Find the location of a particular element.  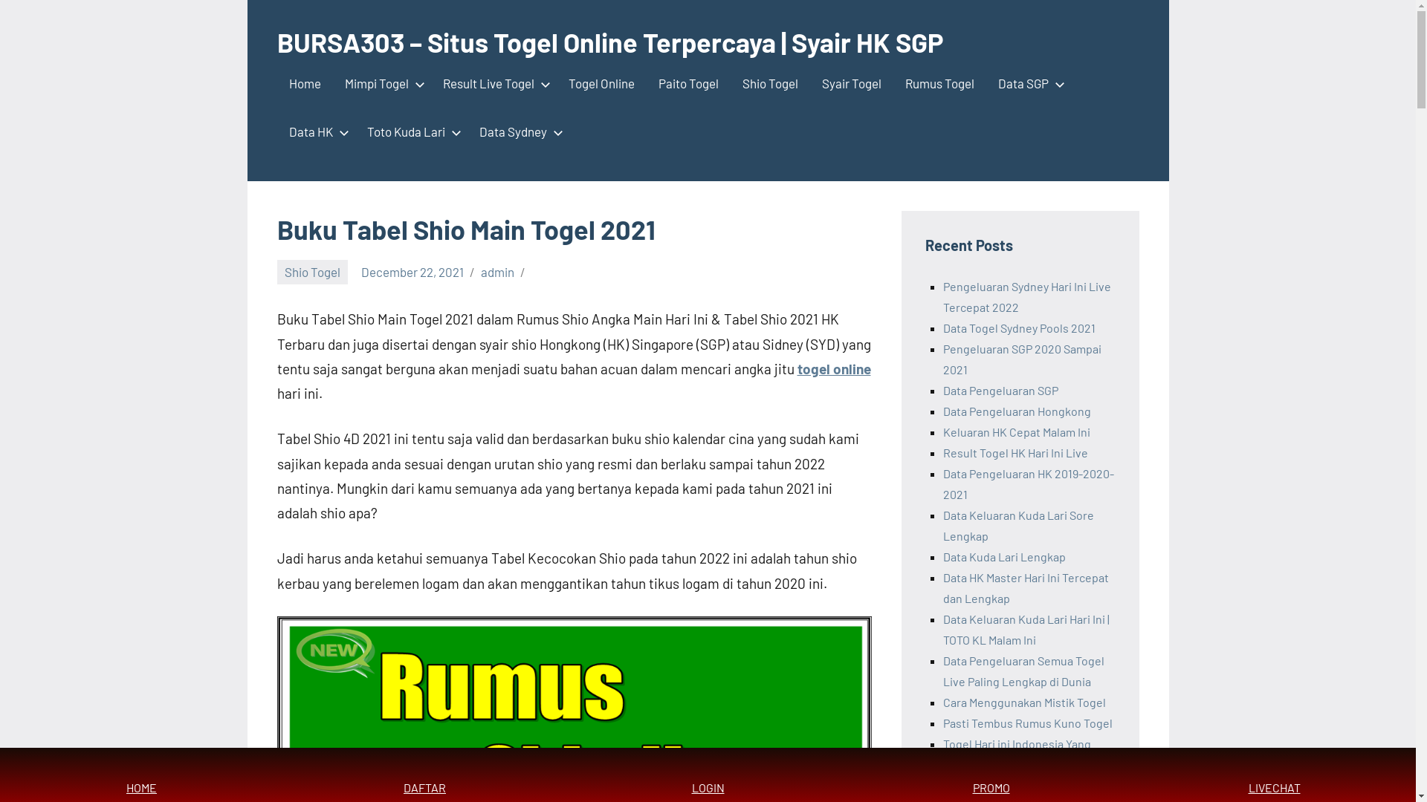

'Data Pengeluaran Semua Togel Live Paling Lengkap di Dunia' is located at coordinates (1022, 671).